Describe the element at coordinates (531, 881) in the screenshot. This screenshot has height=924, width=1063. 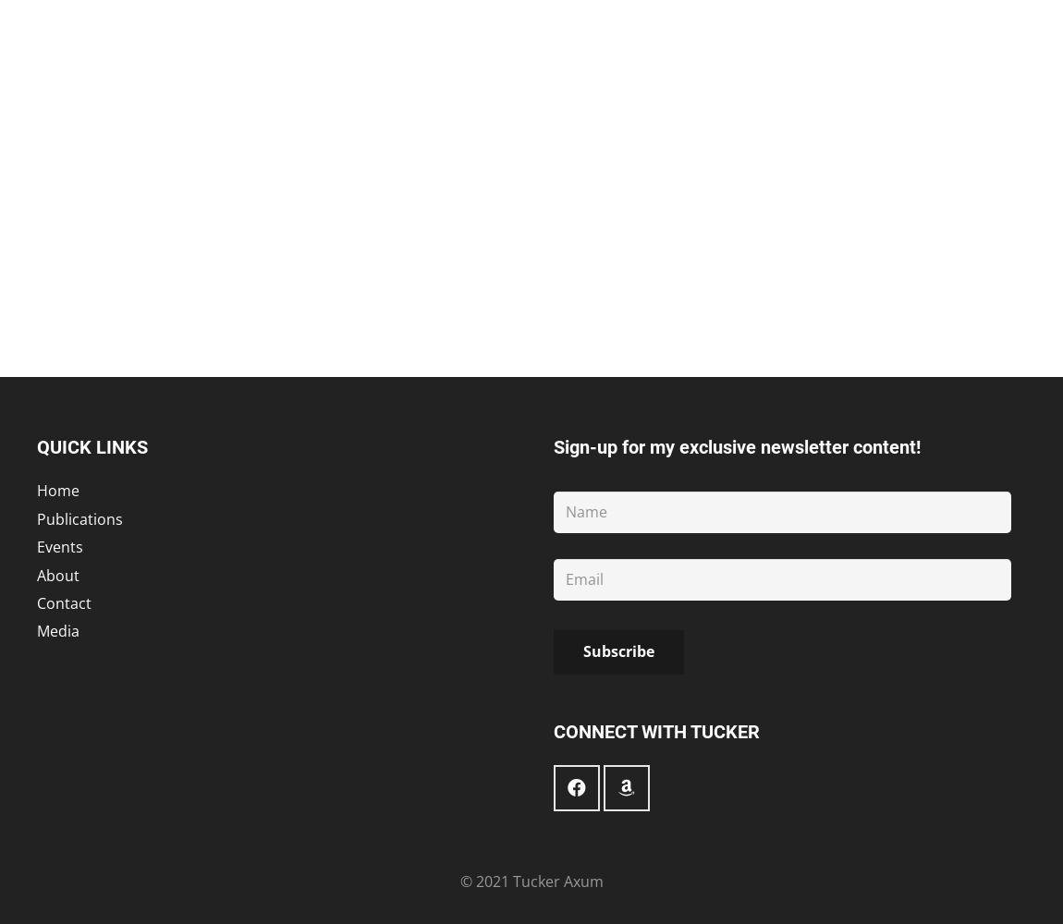
I see `'© 2021 Tucker Axum'` at that location.